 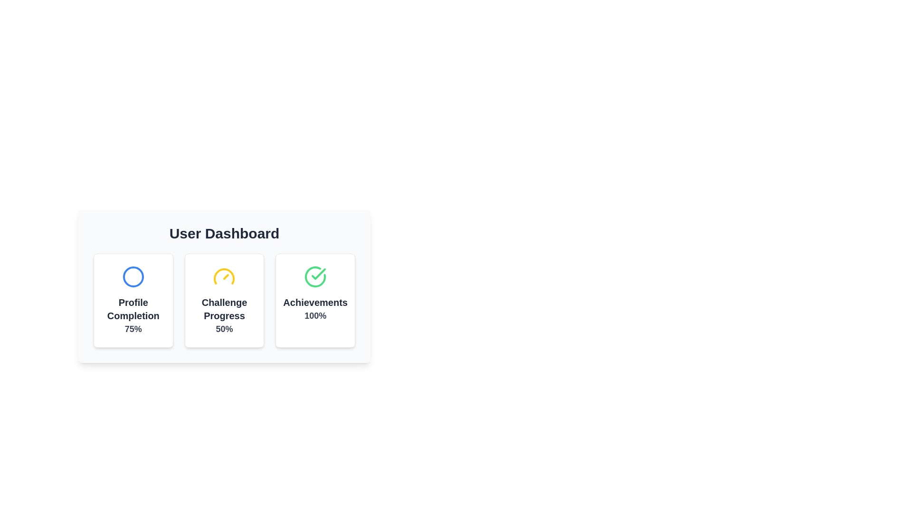 I want to click on completion rate displayed as '75%' in a bold, large font with dark grey color, located centrally beneath the 'Profile Completion' text, so click(x=133, y=329).